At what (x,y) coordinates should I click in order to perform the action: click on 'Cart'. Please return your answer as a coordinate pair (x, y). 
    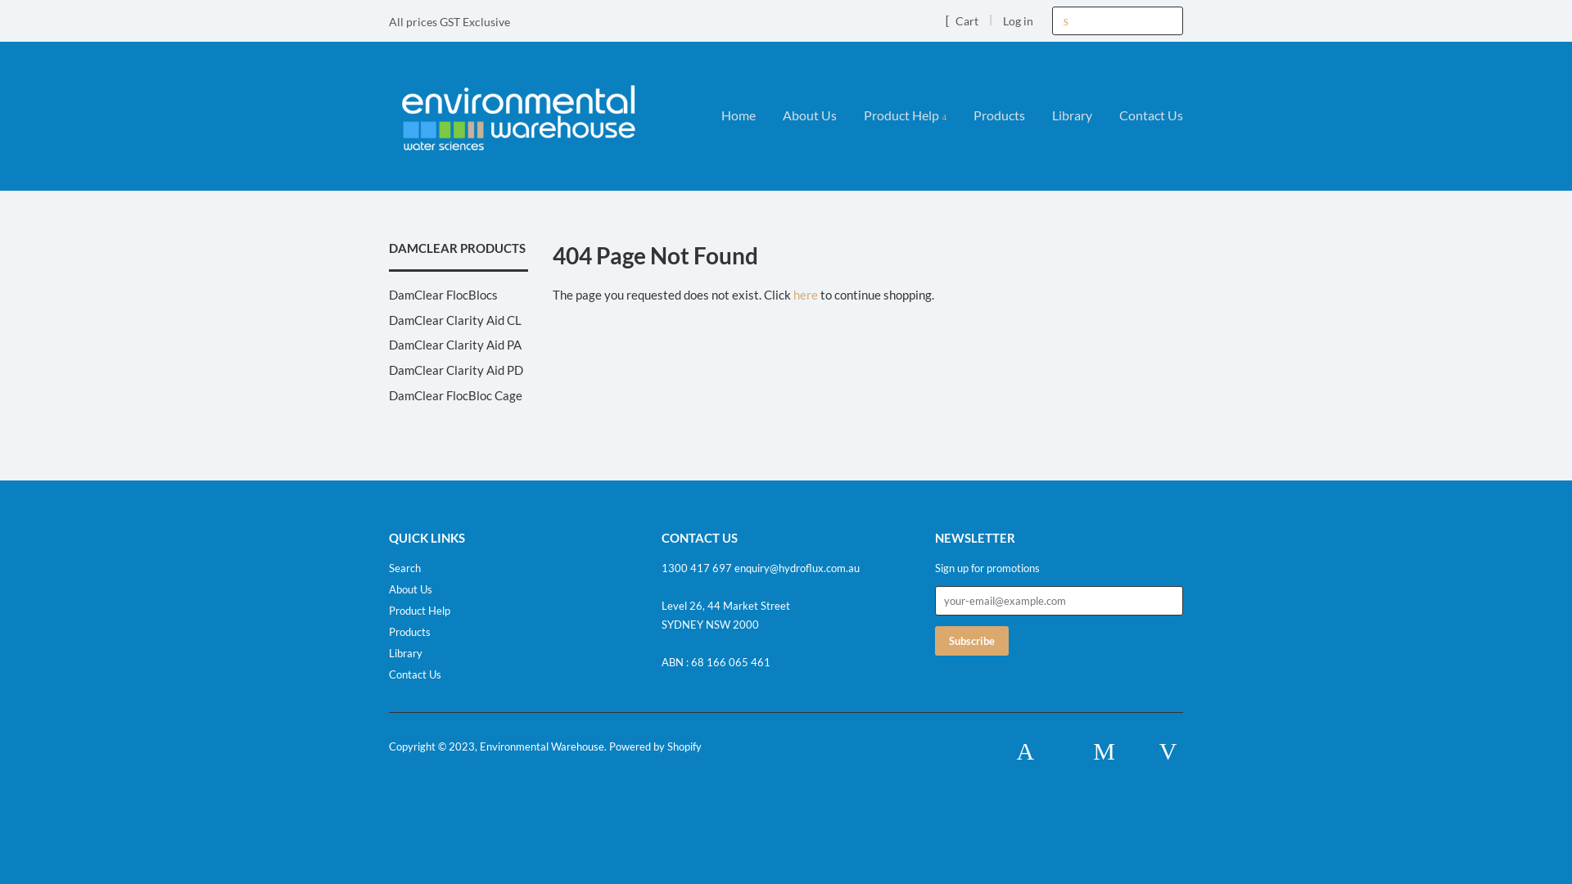
    Looking at the image, I should click on (944, 20).